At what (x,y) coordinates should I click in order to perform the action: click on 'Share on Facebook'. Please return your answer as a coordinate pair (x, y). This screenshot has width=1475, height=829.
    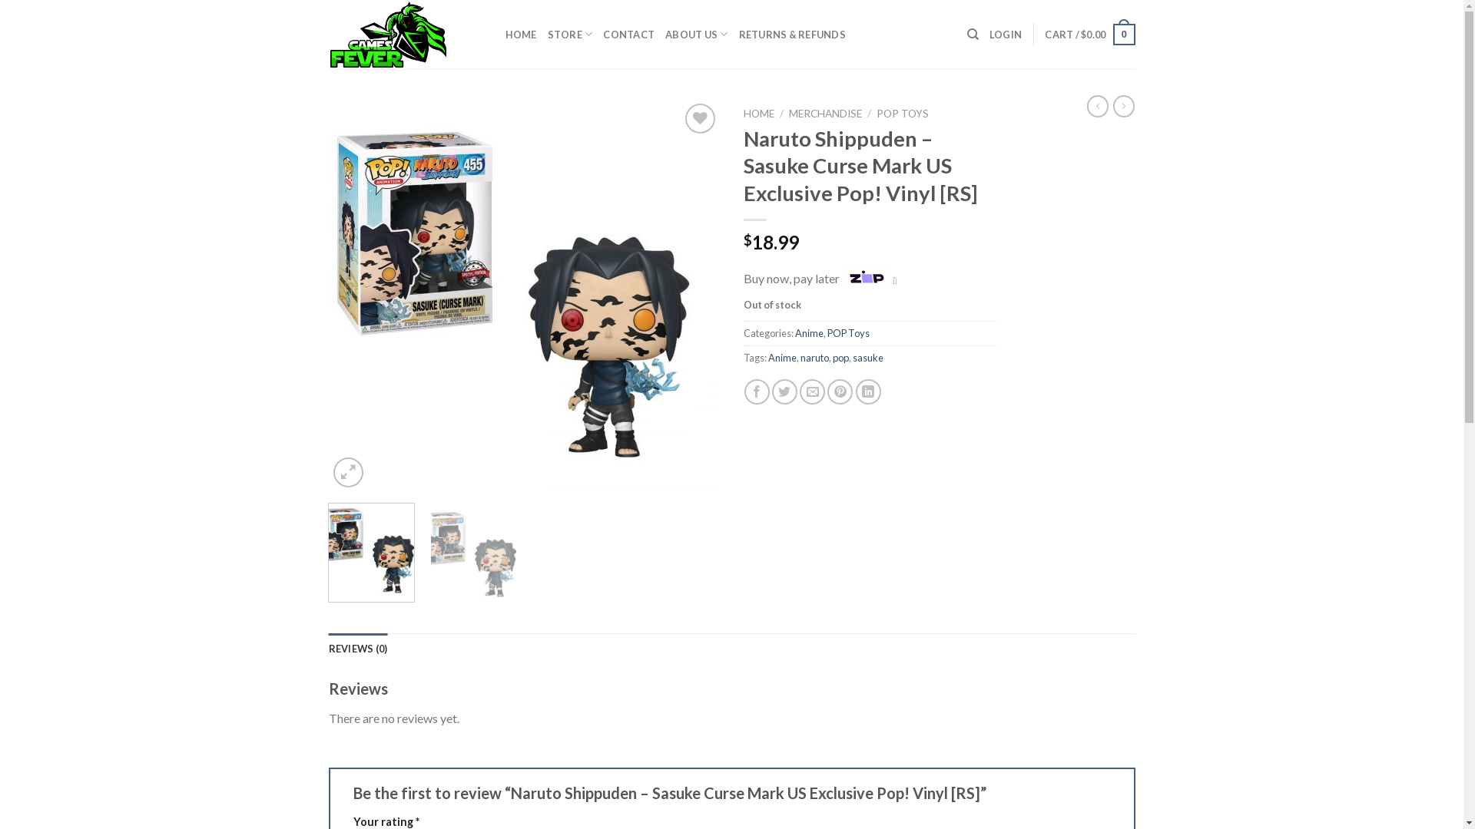
    Looking at the image, I should click on (757, 391).